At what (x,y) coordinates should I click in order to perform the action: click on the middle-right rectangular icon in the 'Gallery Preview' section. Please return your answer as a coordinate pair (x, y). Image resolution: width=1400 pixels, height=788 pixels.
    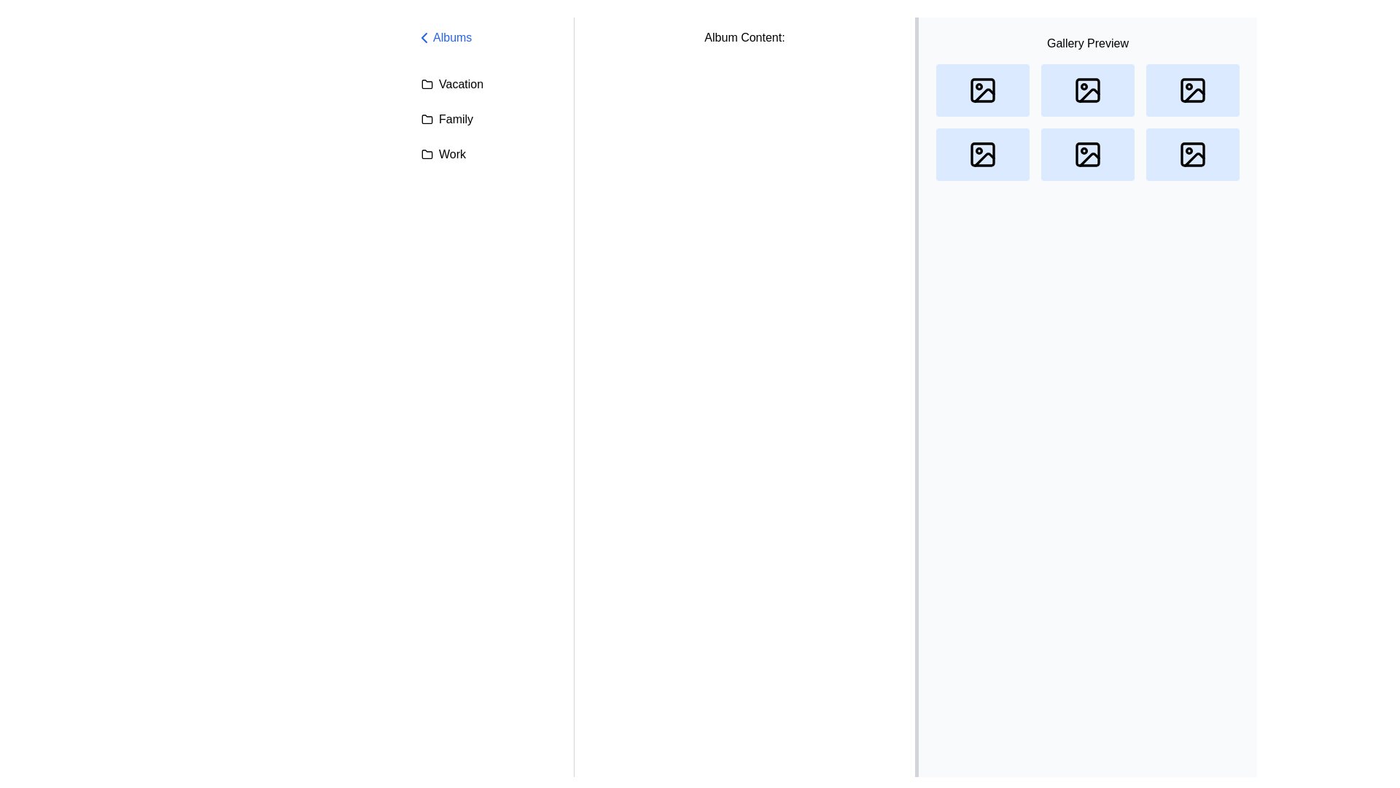
    Looking at the image, I should click on (1088, 155).